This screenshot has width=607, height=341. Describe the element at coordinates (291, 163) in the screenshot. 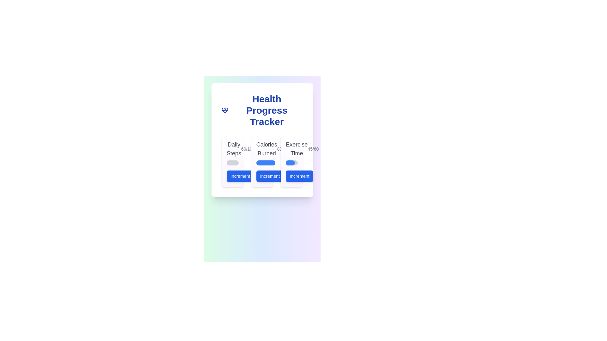

I see `the third progress bar that visually represents the completion percentage of the 'Exercise Time' task, showing 75% completion, positioned under the 'Exercise Time' label and above the 'Increment' button` at that location.